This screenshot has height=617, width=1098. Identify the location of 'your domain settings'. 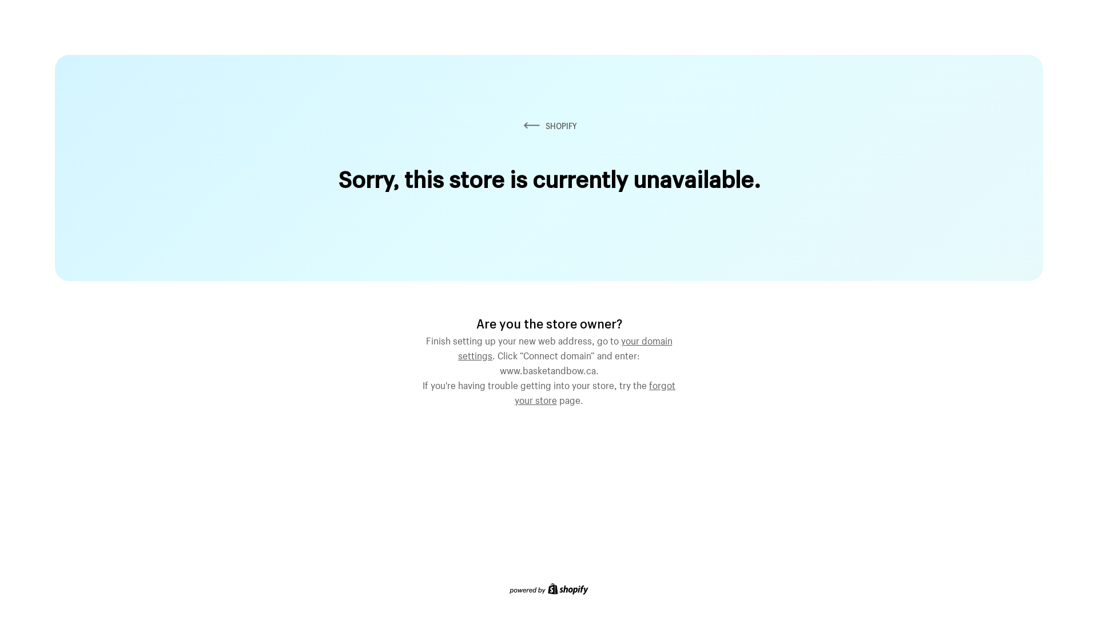
(565, 346).